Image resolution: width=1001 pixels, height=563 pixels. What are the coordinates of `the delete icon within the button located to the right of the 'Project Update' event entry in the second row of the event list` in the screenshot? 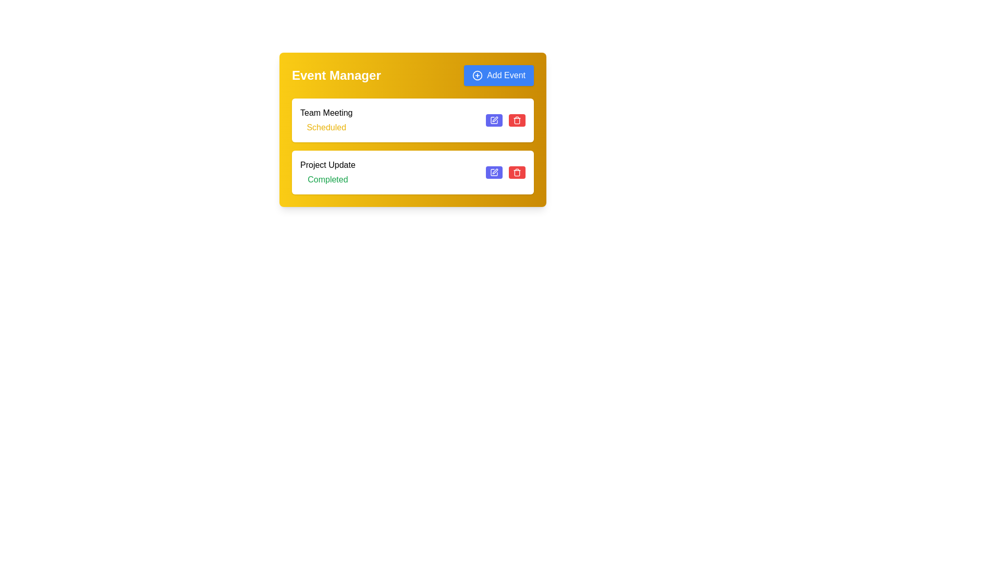 It's located at (517, 172).